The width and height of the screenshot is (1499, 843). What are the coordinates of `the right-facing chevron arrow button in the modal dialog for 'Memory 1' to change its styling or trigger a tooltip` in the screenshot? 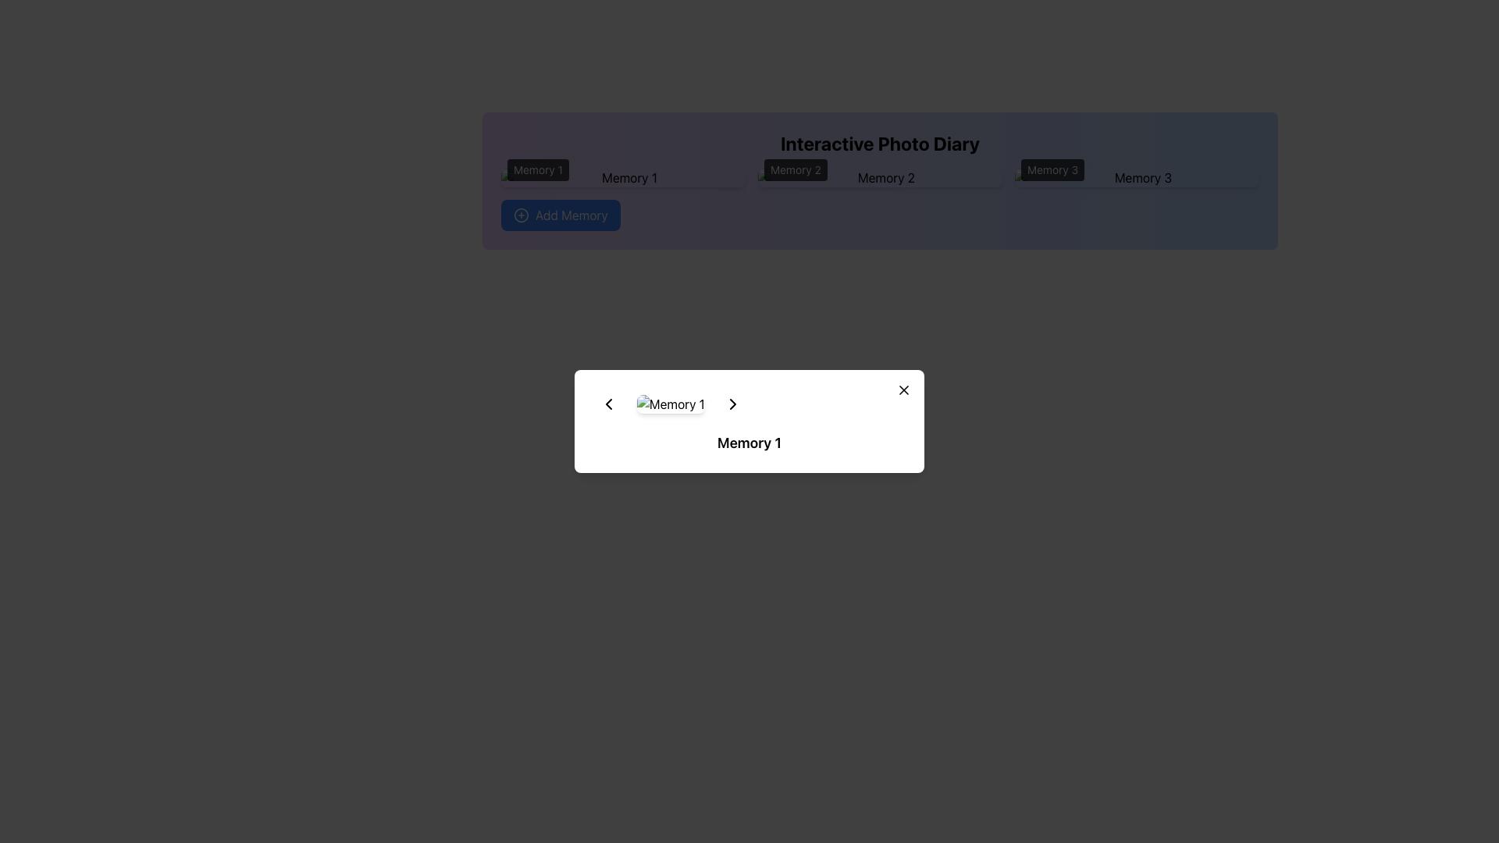 It's located at (732, 403).